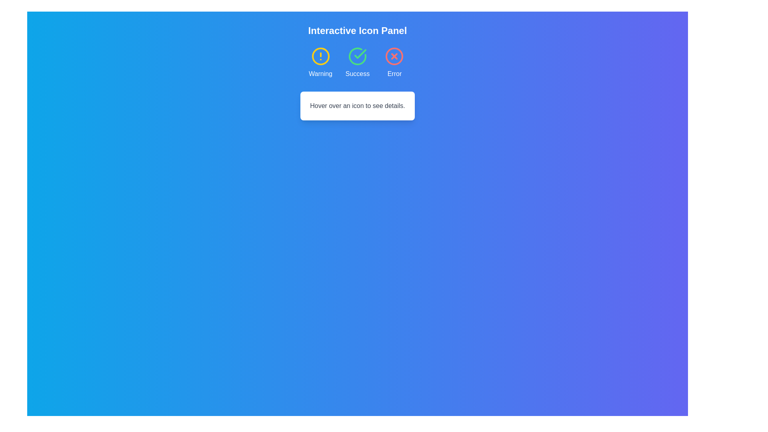 This screenshot has height=432, width=768. I want to click on the check mark icon inside the circular green background, which represents success among the icons labeled 'Warning,' 'Success,' and 'Error.', so click(360, 54).